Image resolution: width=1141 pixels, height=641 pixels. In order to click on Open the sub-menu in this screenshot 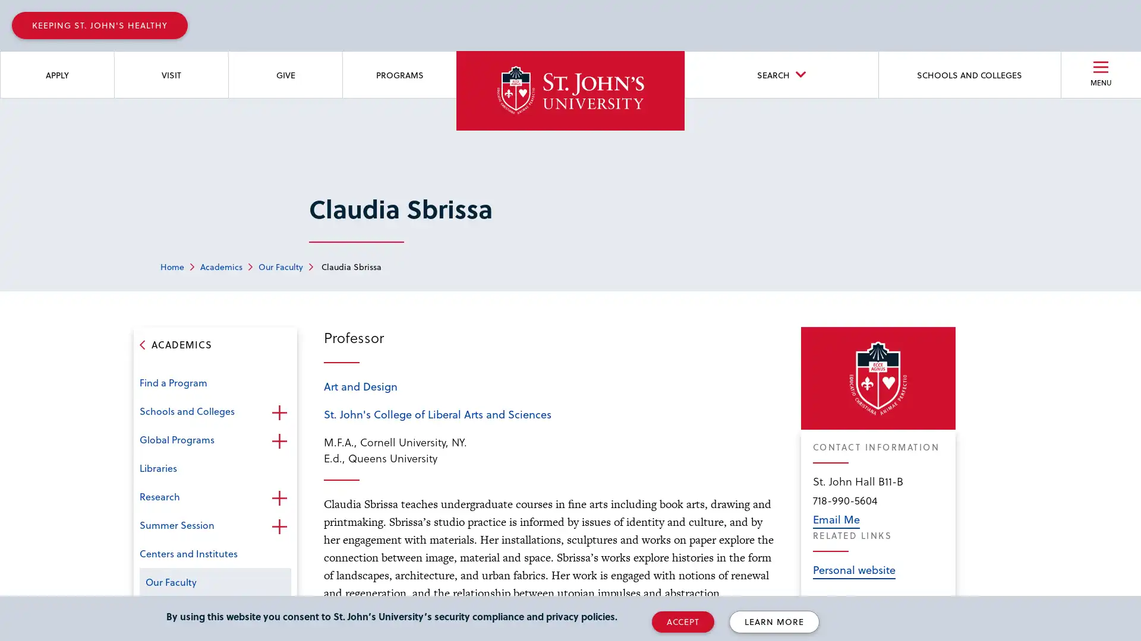, I will do `click(279, 411)`.